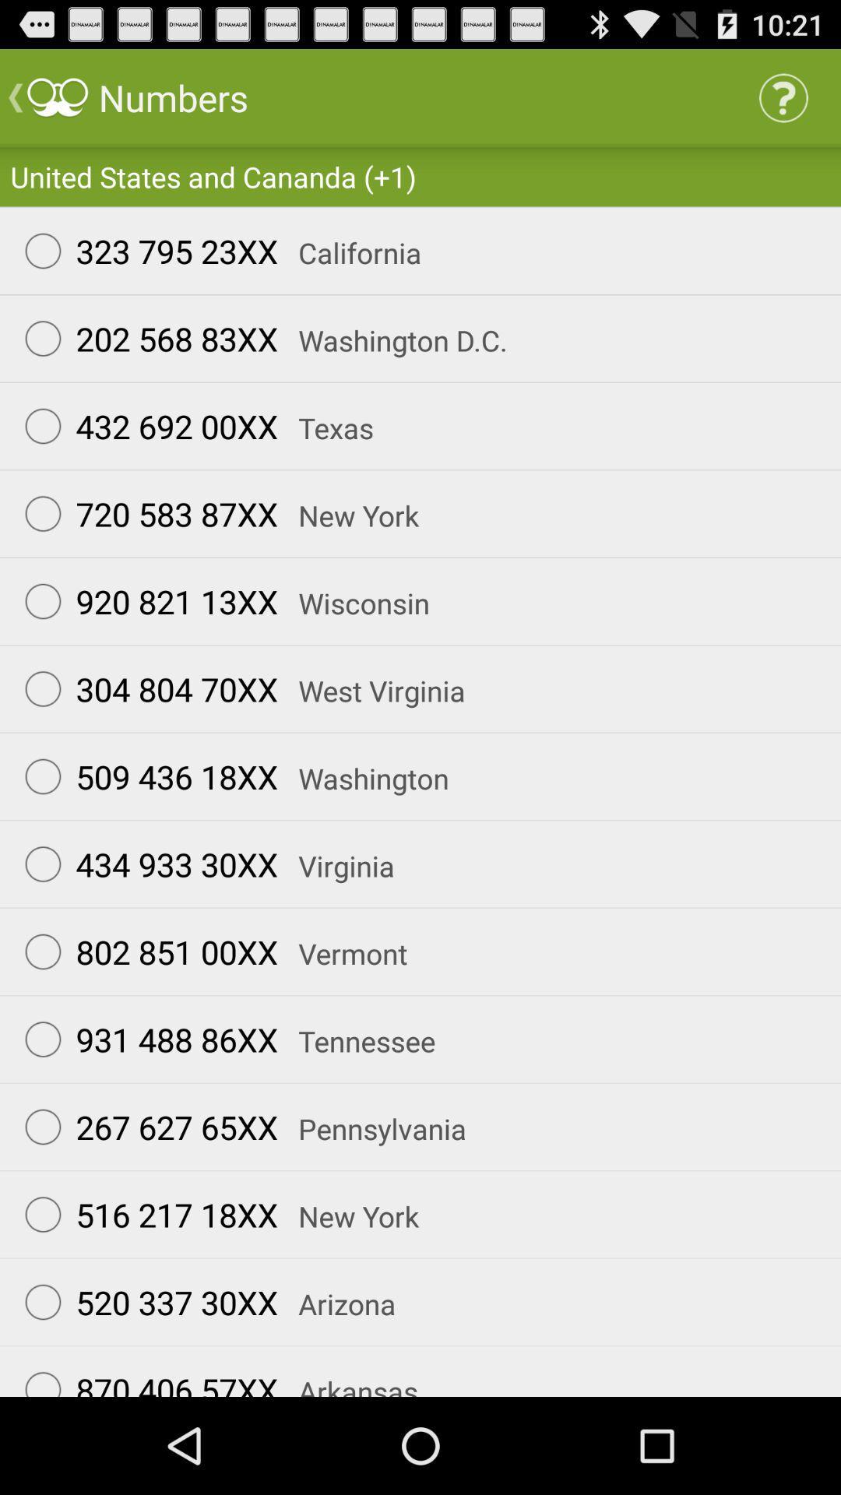 This screenshot has width=841, height=1495. Describe the element at coordinates (144, 1127) in the screenshot. I see `267 627 65xx item` at that location.